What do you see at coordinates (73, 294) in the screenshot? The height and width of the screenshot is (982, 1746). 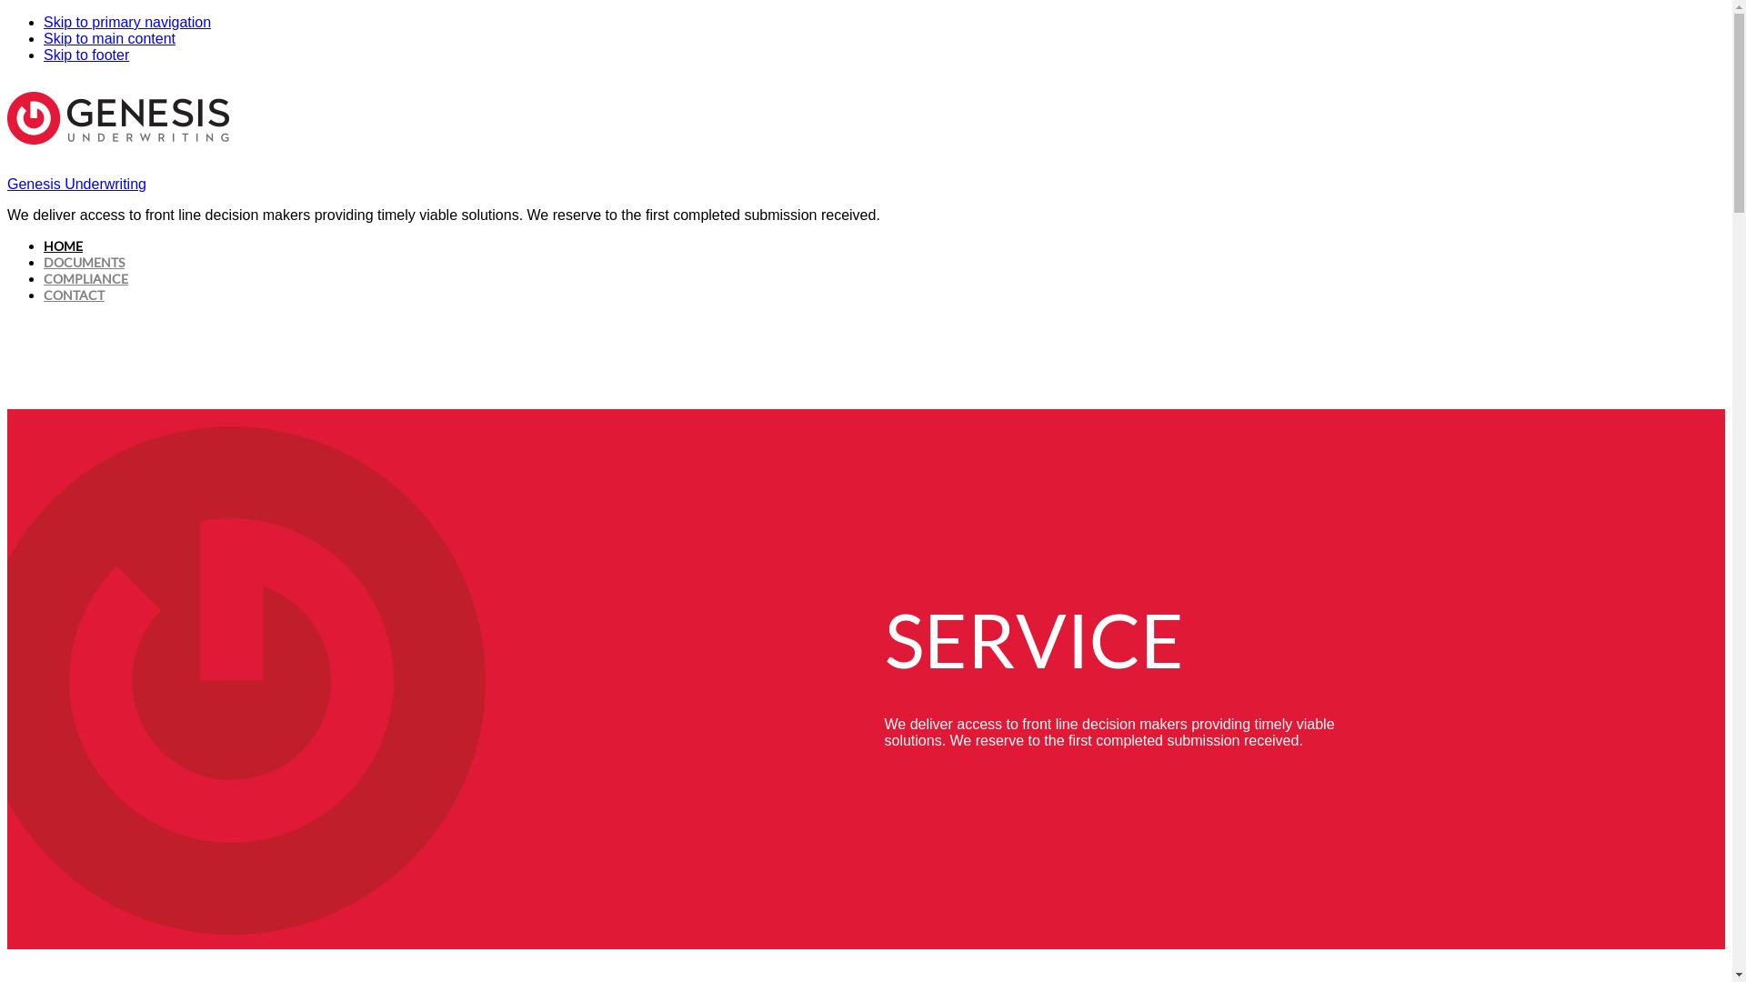 I see `'CONTACT'` at bounding box center [73, 294].